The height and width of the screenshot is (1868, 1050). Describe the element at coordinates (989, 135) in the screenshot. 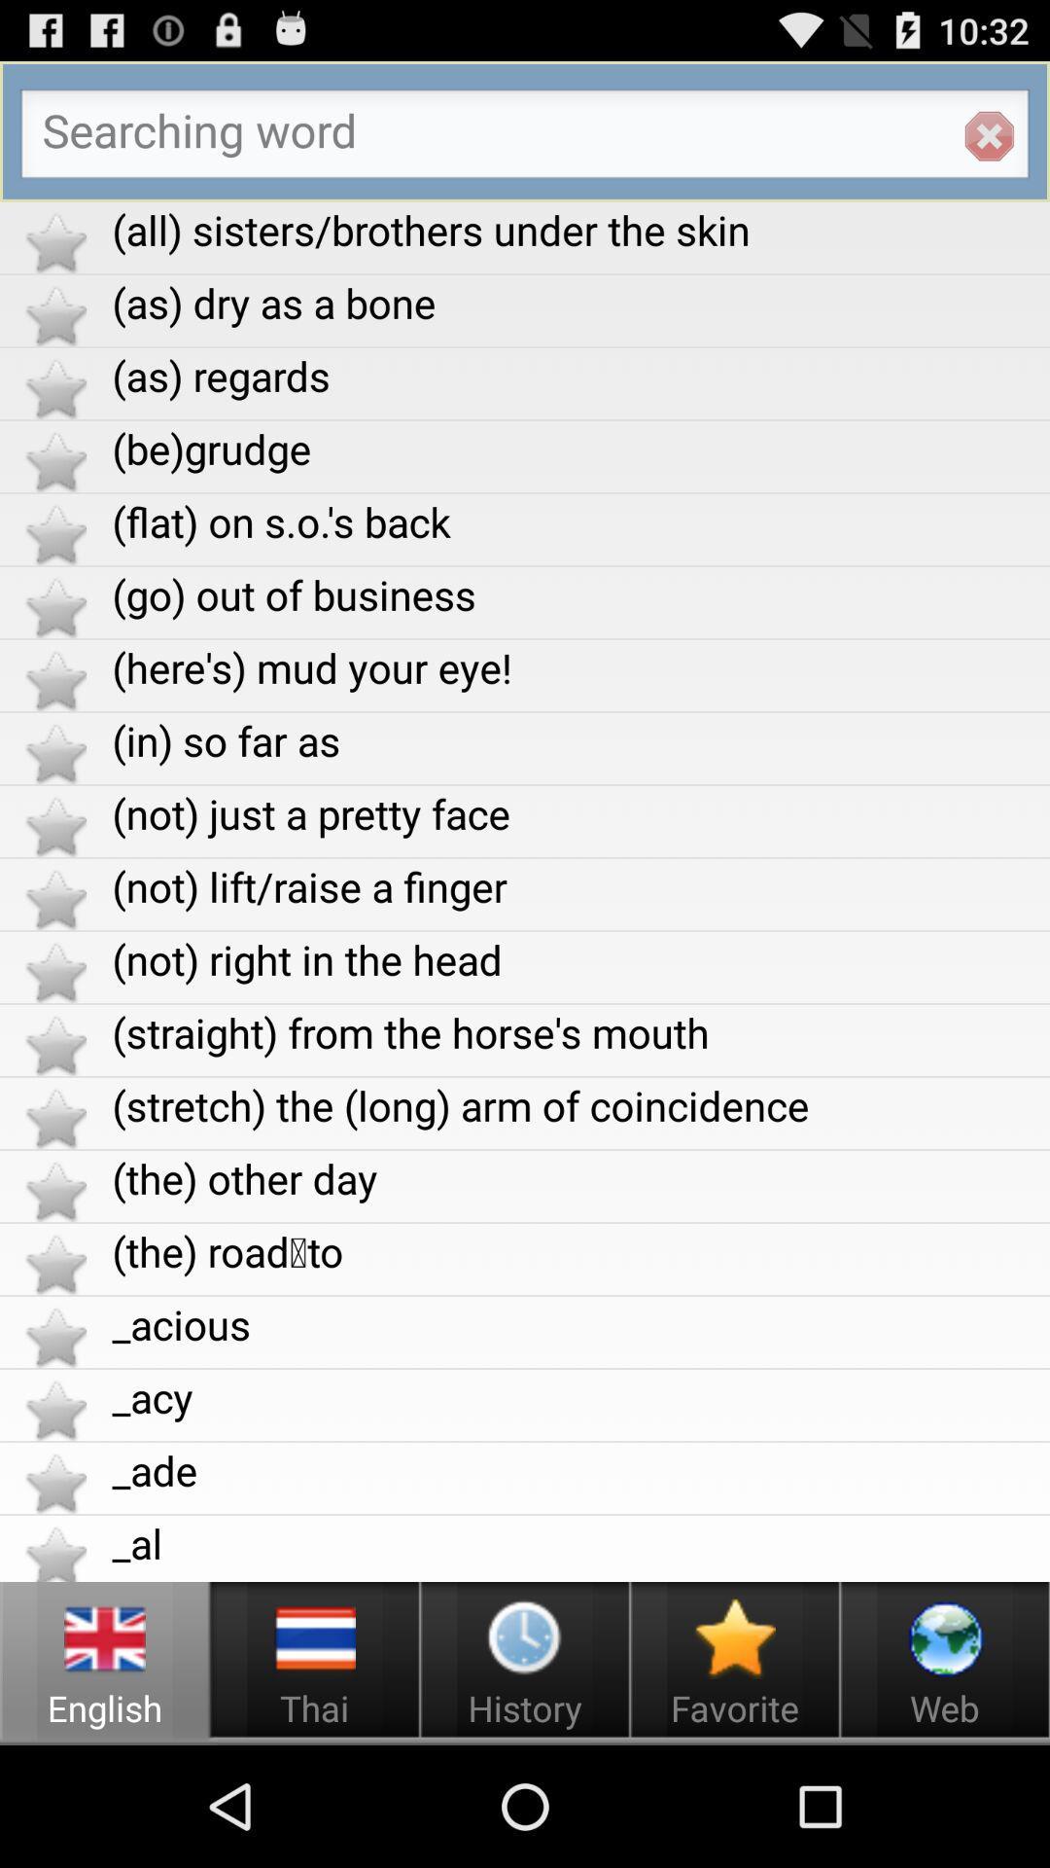

I see `icon at the top right corner` at that location.